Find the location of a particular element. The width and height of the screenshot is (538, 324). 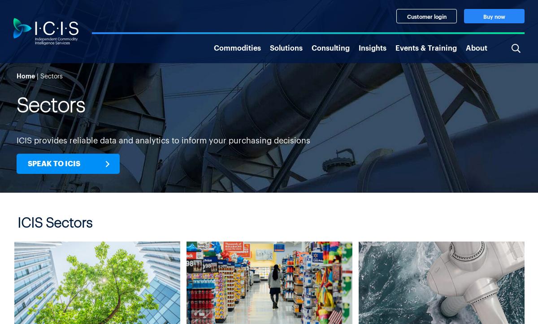

'Commodities' is located at coordinates (237, 46).